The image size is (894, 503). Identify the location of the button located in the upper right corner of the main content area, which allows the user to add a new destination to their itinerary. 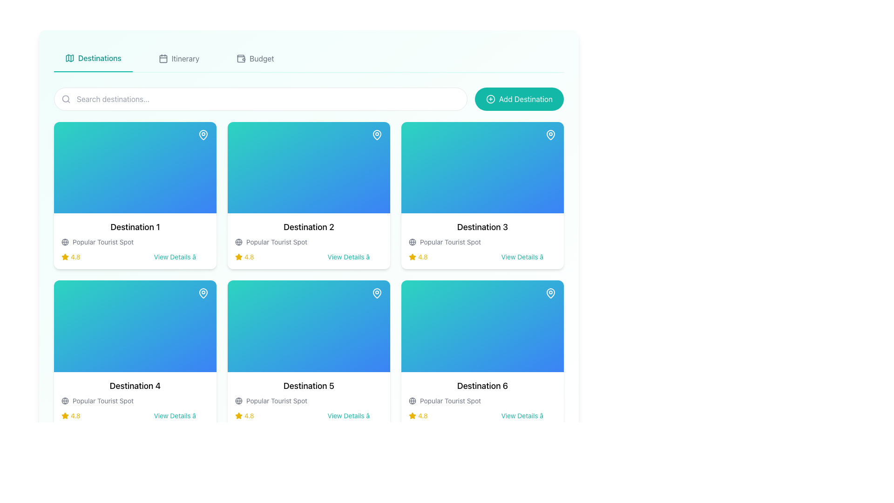
(519, 99).